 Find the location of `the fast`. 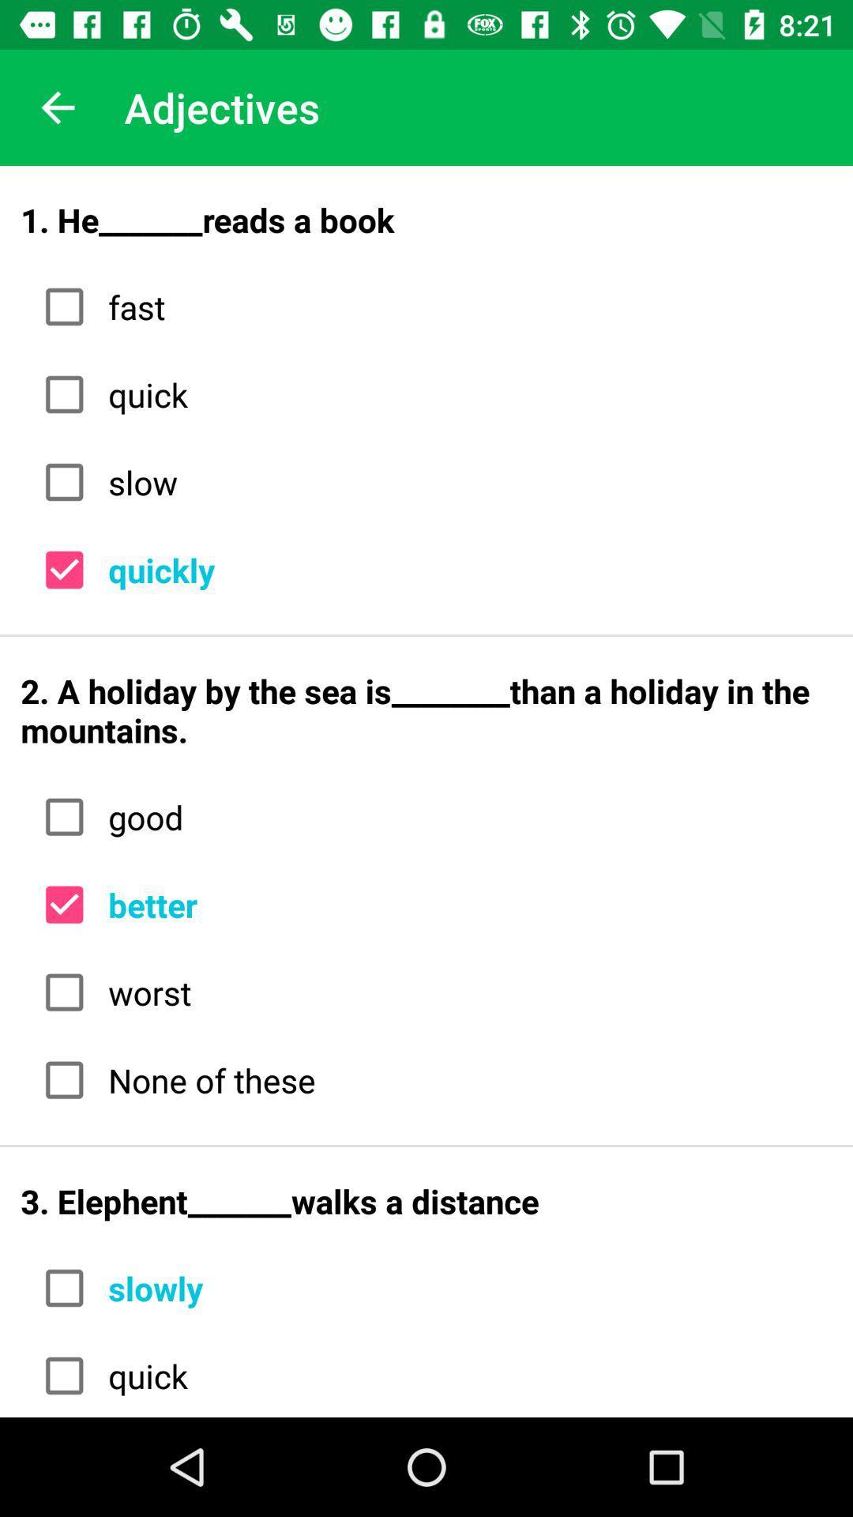

the fast is located at coordinates (464, 307).